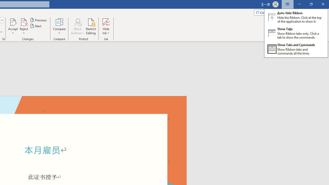 The height and width of the screenshot is (185, 329). I want to click on 'Hide Ink', so click(106, 26).